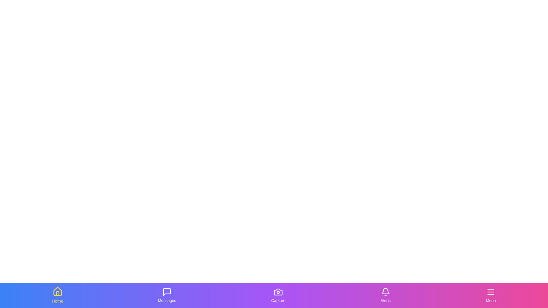  What do you see at coordinates (278, 295) in the screenshot?
I see `the tab labeled Capture to observe its visual feedback` at bounding box center [278, 295].